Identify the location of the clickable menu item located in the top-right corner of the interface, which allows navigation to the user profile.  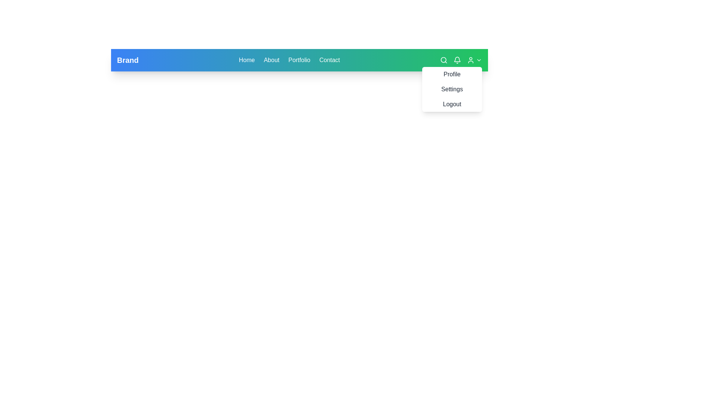
(452, 74).